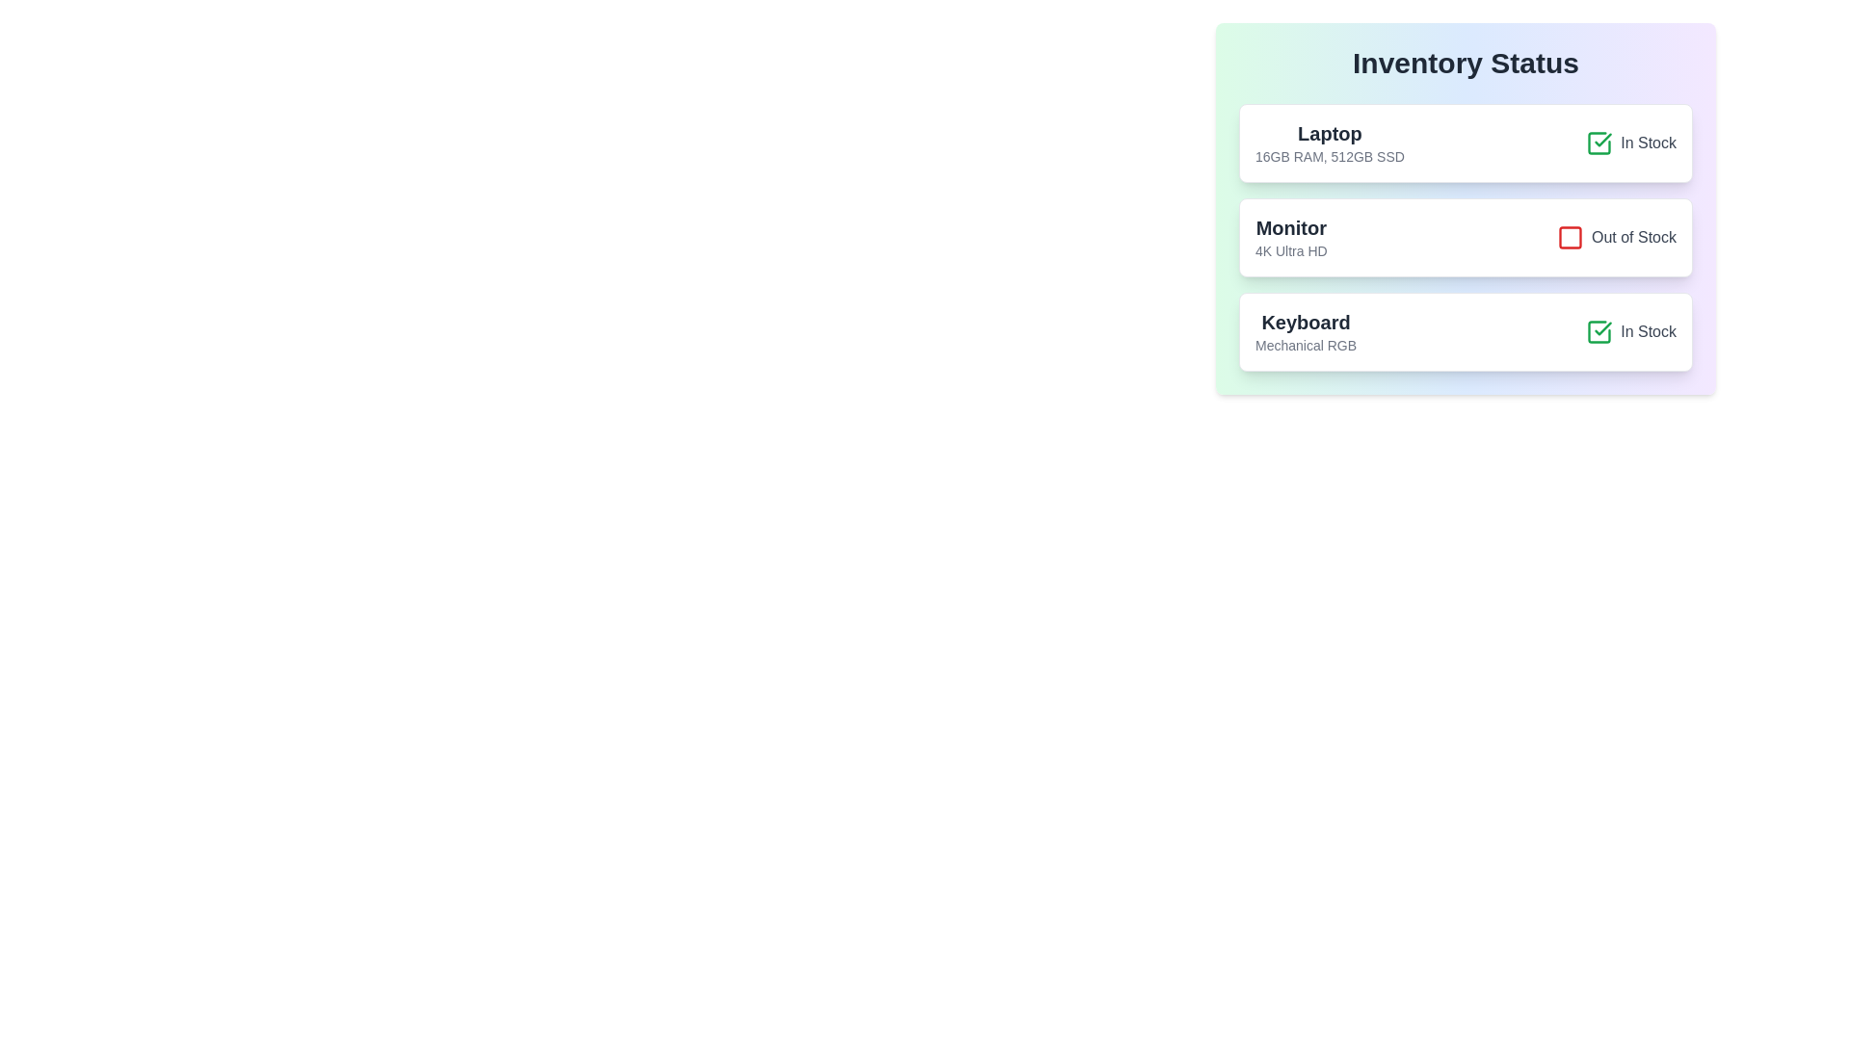 The height and width of the screenshot is (1040, 1850). I want to click on the text label indicating that the monitor is not available in stock, located to the right of a square red icon in the inventory status list, so click(1632, 236).